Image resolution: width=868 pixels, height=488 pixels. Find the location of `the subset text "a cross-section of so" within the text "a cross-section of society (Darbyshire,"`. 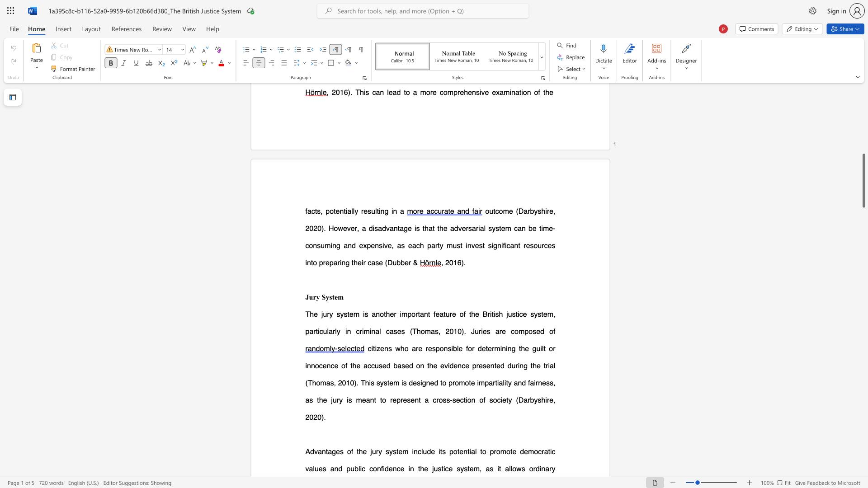

the subset text "a cross-section of so" within the text "a cross-section of society (Darbyshire," is located at coordinates (424, 399).